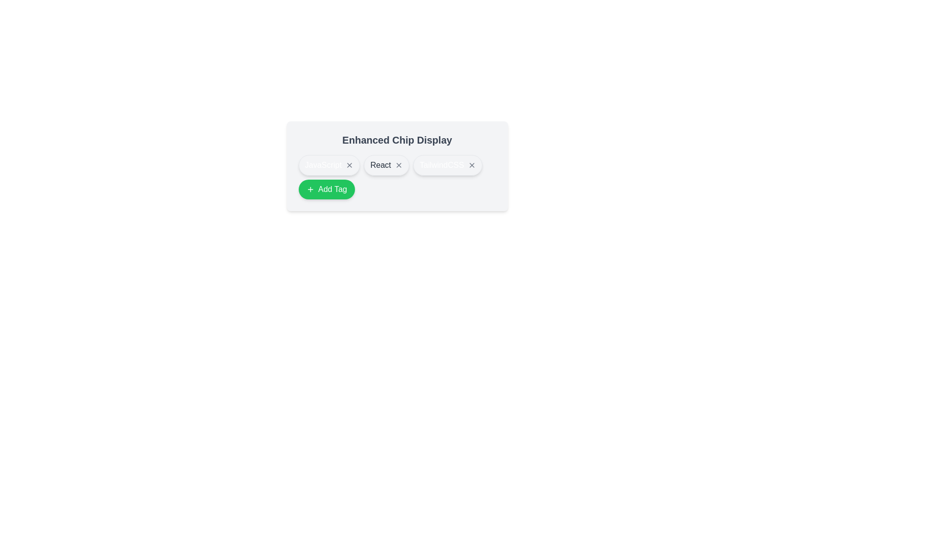 Image resolution: width=948 pixels, height=533 pixels. What do you see at coordinates (447, 165) in the screenshot?
I see `the tag TailwindCSS` at bounding box center [447, 165].